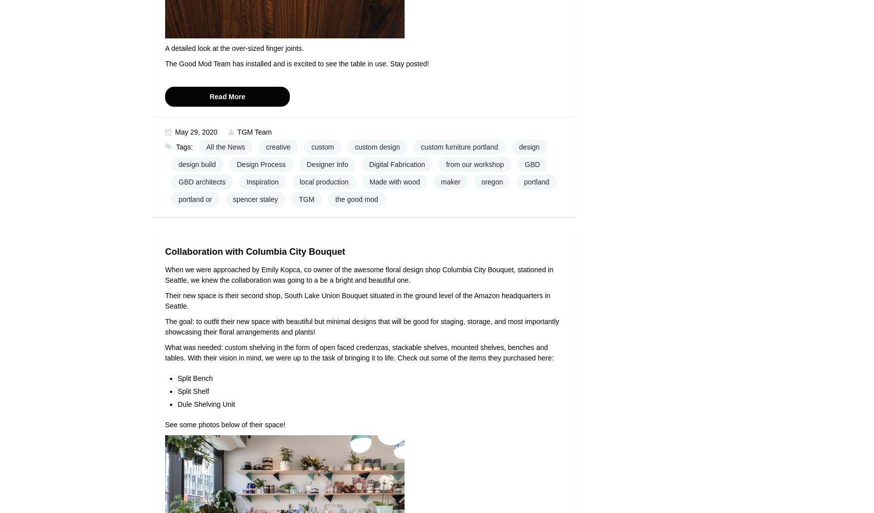 Image resolution: width=874 pixels, height=513 pixels. Describe the element at coordinates (335, 198) in the screenshot. I see `'the good mod'` at that location.